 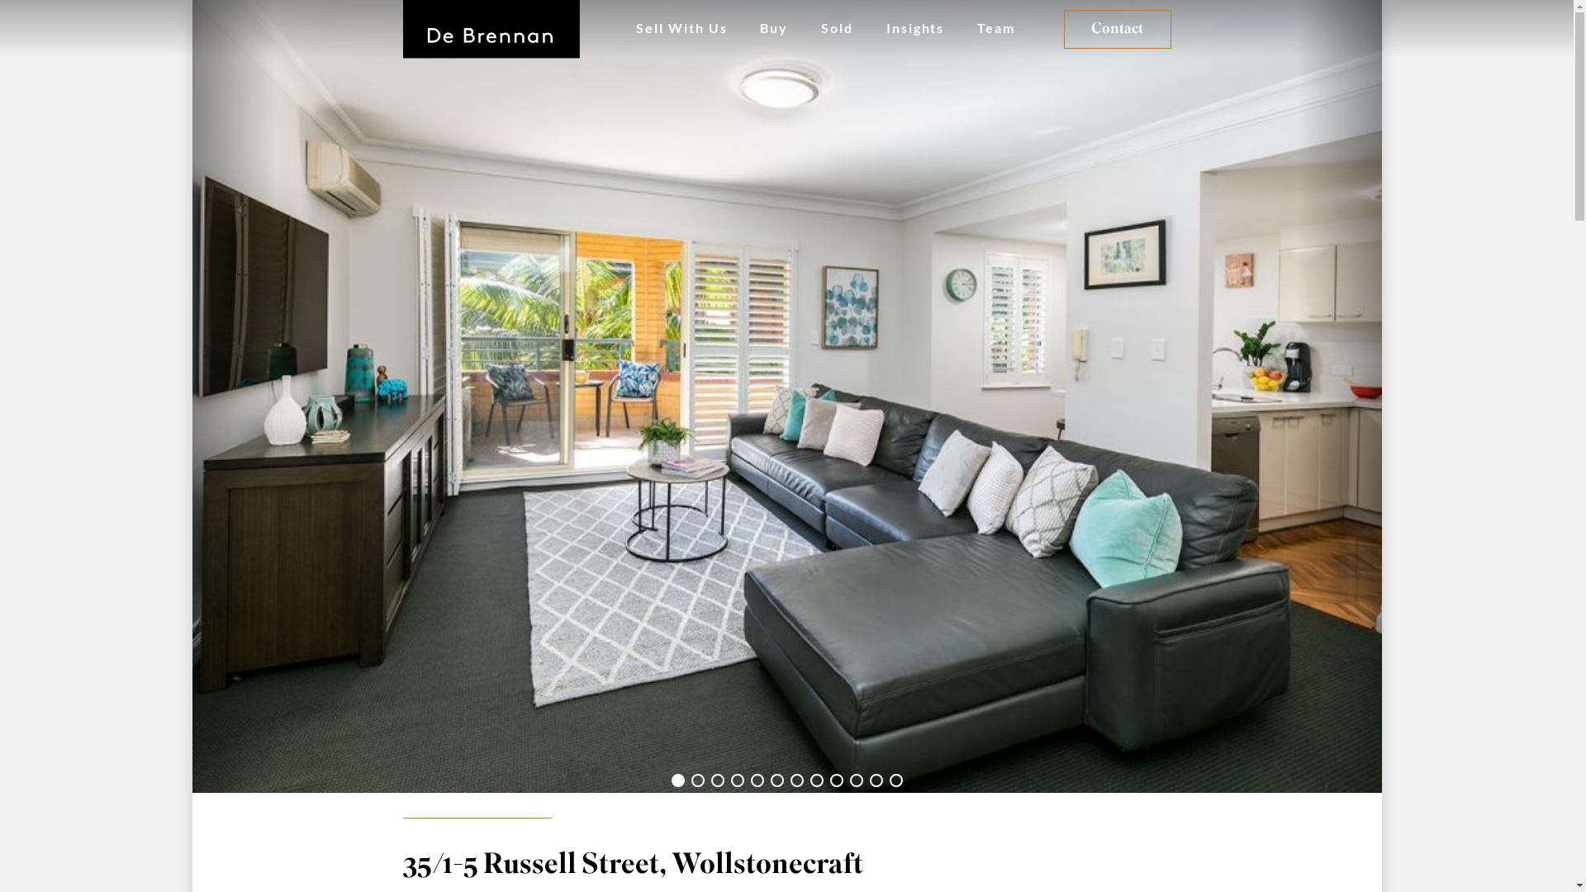 I want to click on '10', so click(x=856, y=780).